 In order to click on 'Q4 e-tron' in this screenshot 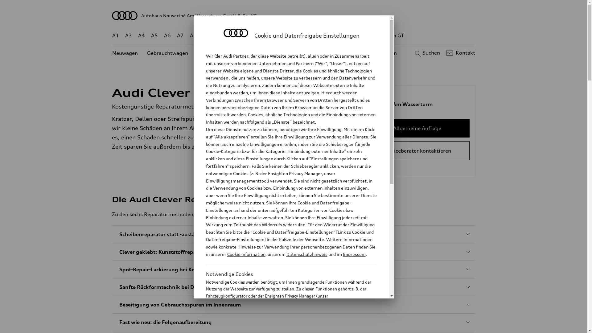, I will do `click(241, 35)`.